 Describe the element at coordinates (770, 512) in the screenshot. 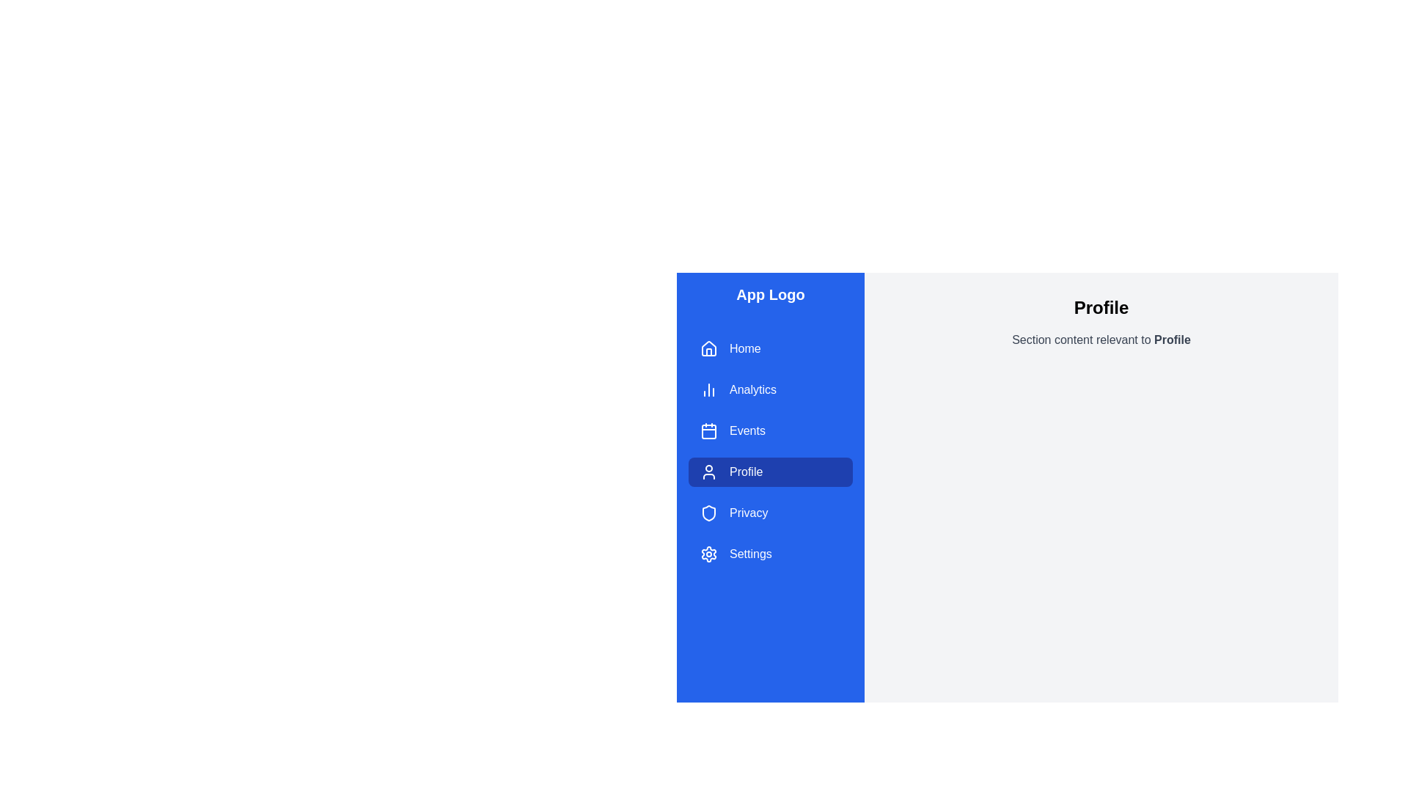

I see `the navigation button located in the vertical menu on the left side of the interface, positioned under 'Profile' and above 'Settings'` at that location.